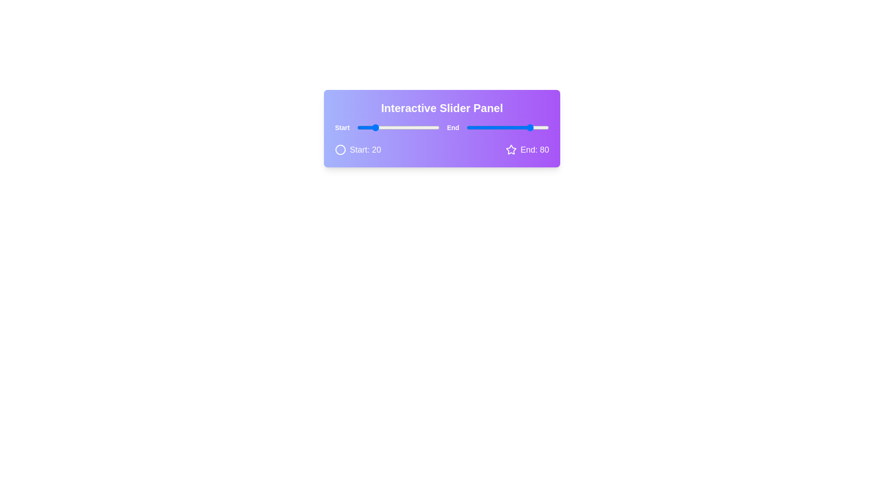  What do you see at coordinates (368, 128) in the screenshot?
I see `the start slider` at bounding box center [368, 128].